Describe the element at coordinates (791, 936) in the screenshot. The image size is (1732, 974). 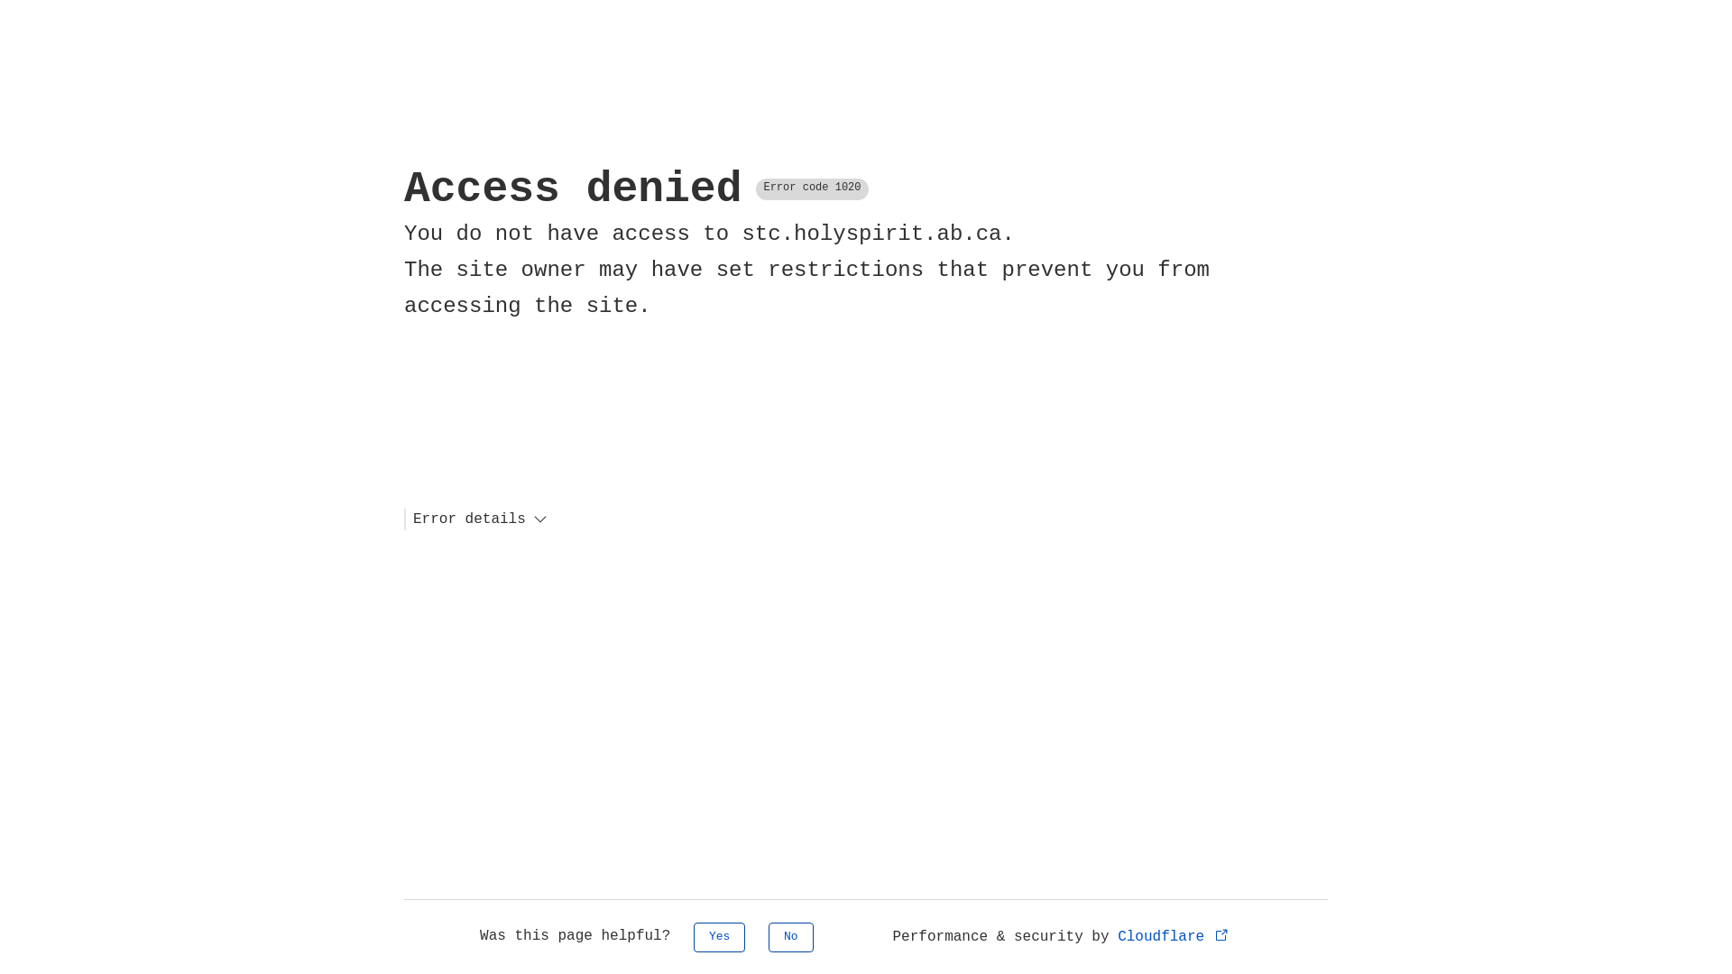
I see `'No'` at that location.